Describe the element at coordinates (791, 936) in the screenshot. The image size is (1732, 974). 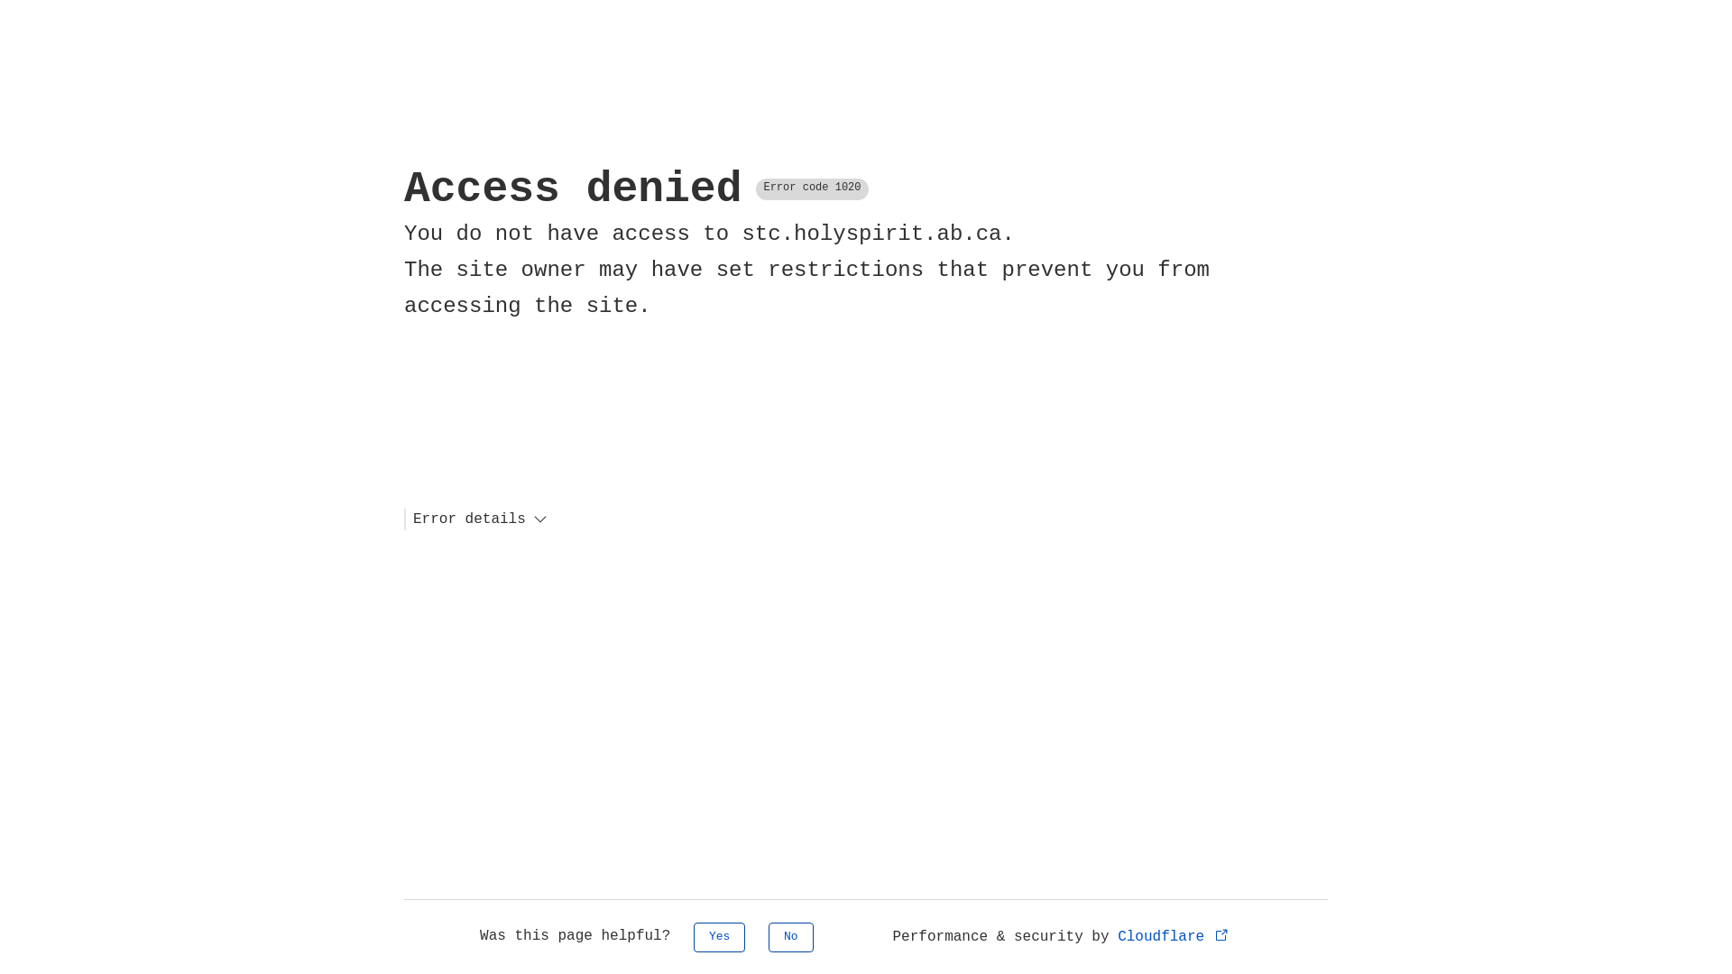
I see `'No'` at that location.